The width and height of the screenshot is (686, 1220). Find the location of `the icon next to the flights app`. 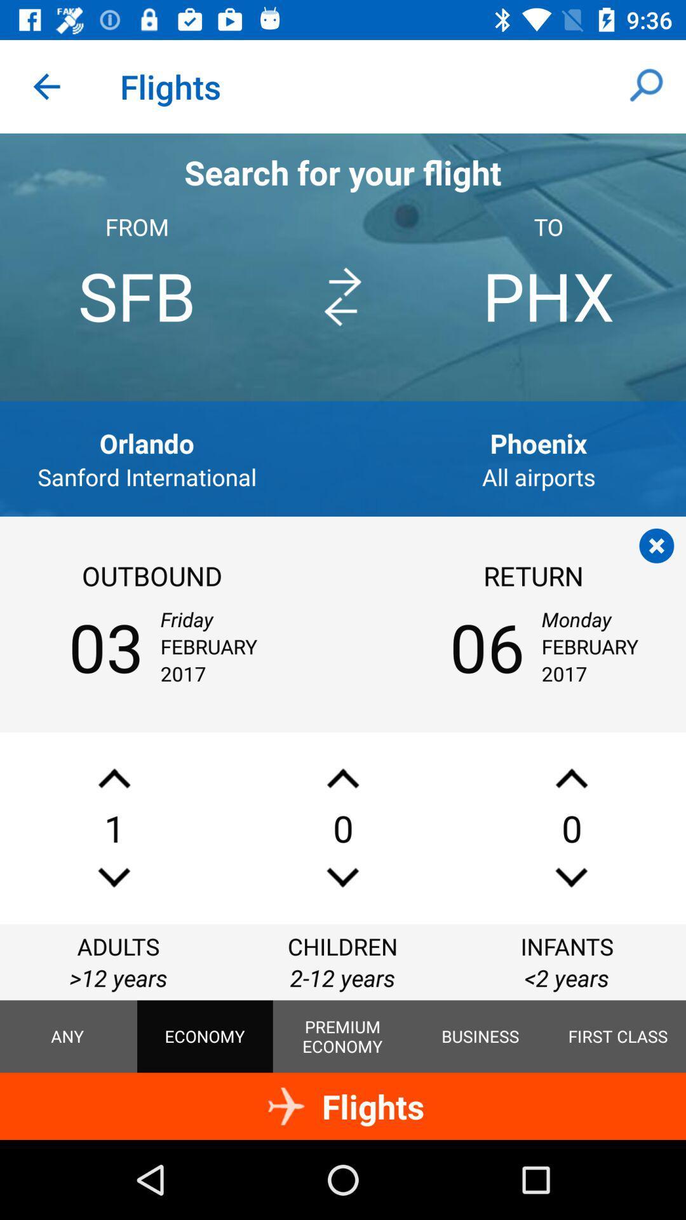

the icon next to the flights app is located at coordinates (46, 86).